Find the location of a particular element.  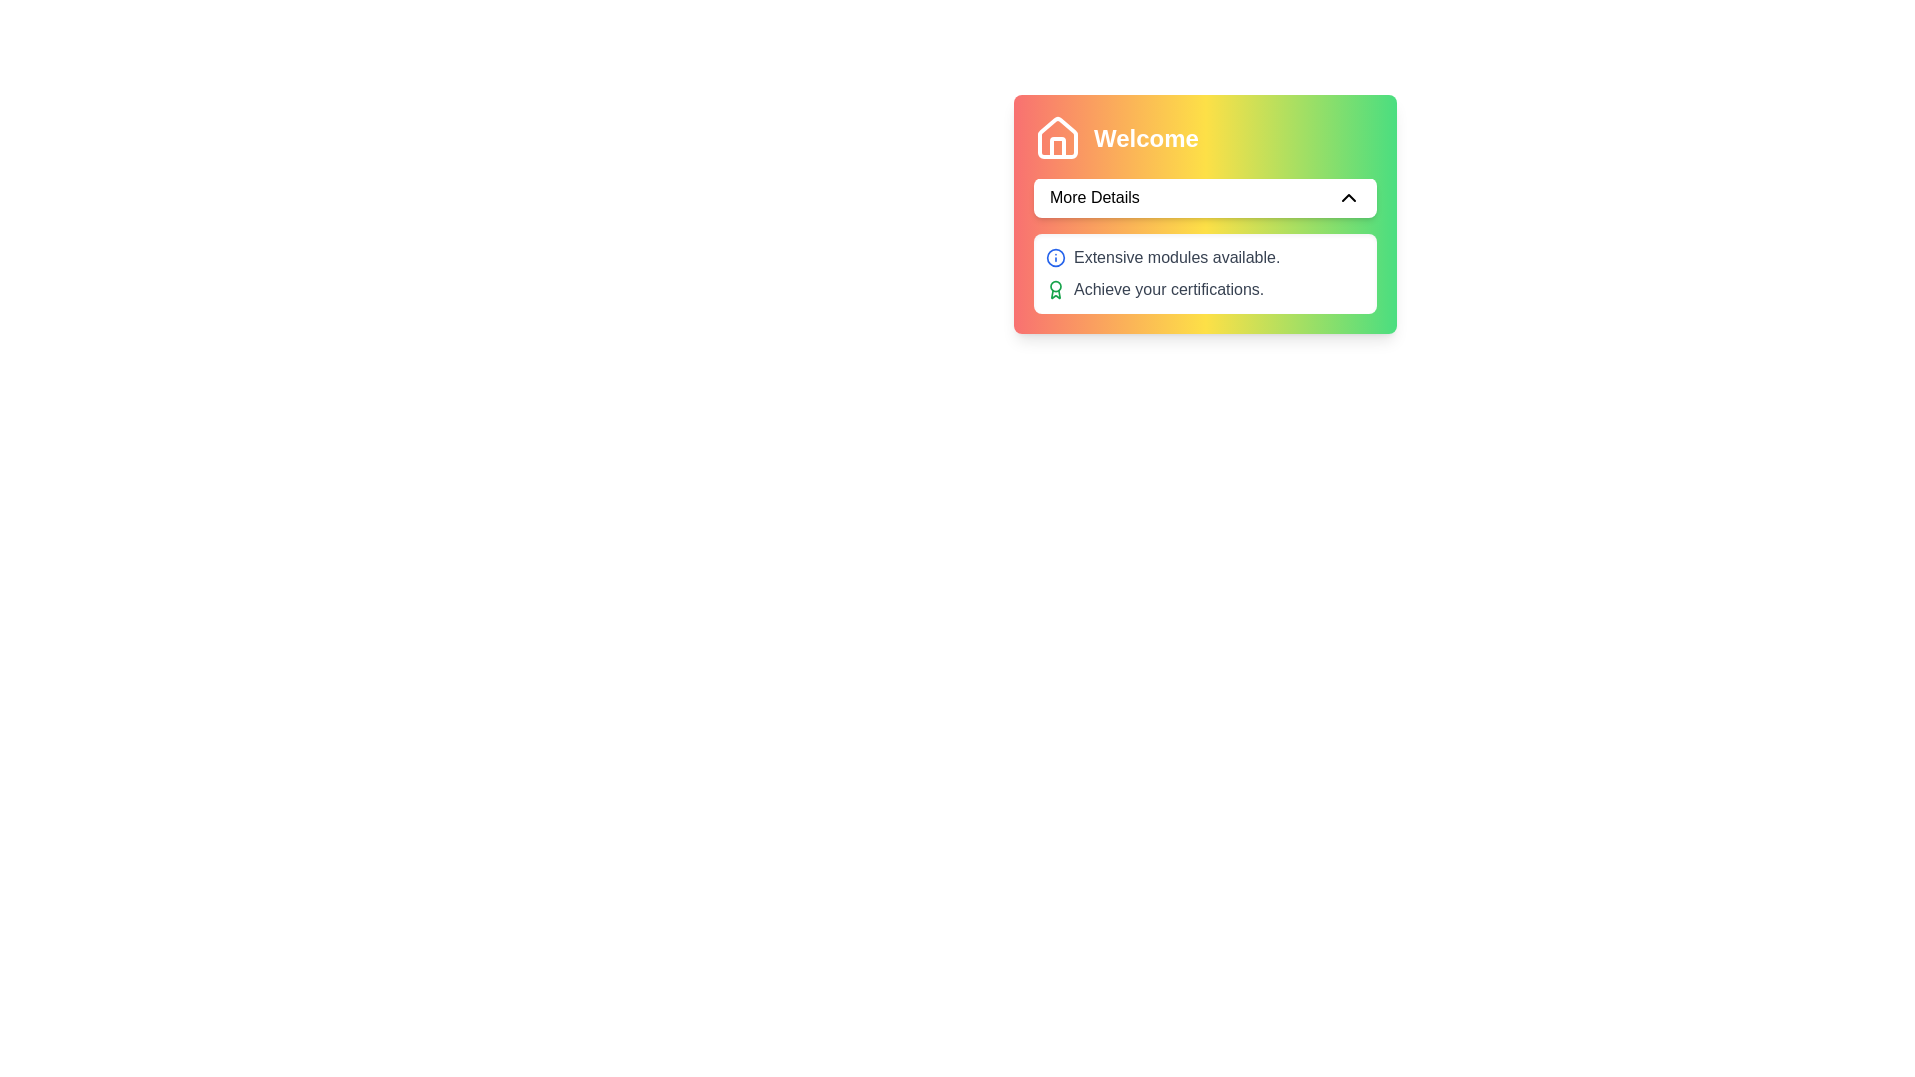

the rectangular button labeled 'More Details' with a white background and a dropdown arrow icon to trigger hover interactions is located at coordinates (1205, 214).